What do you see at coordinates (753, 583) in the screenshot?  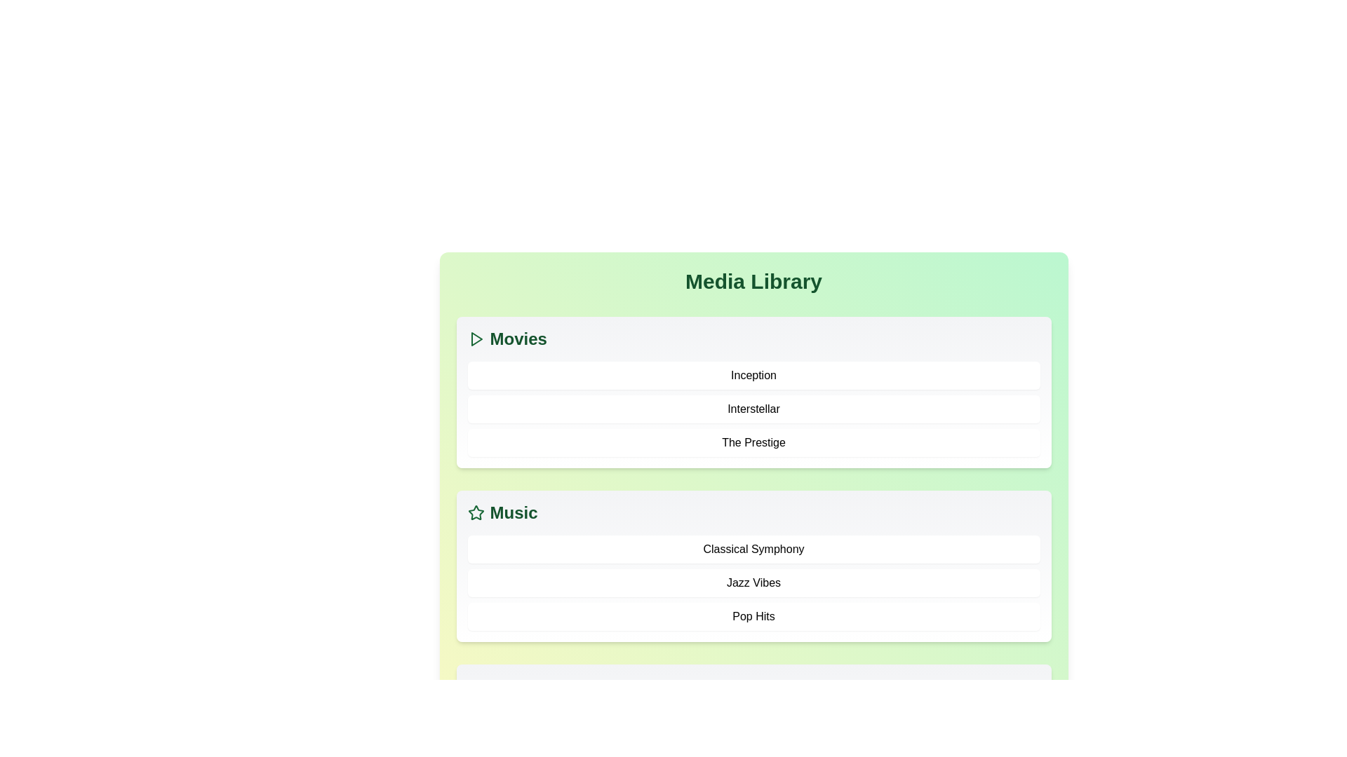 I see `the item Jazz Vibes from the Music category` at bounding box center [753, 583].